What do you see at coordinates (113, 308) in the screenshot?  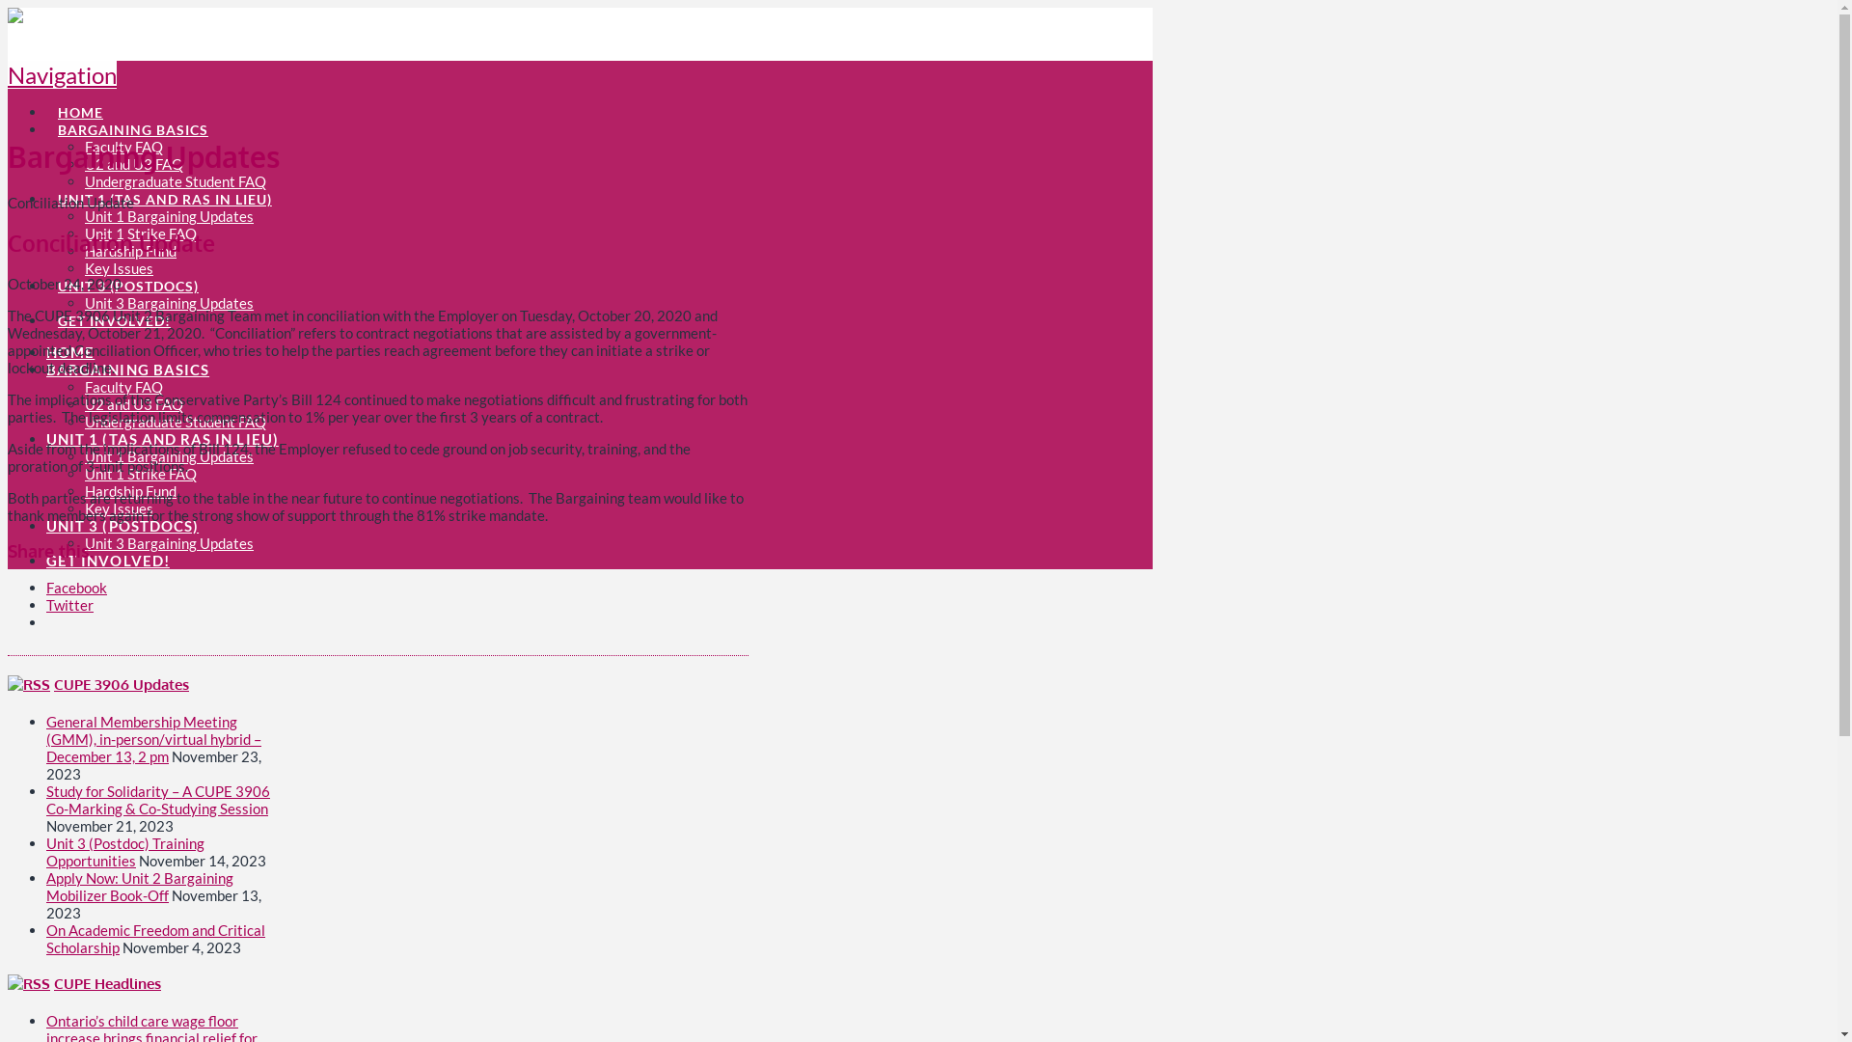 I see `'GET INVOLVED!'` at bounding box center [113, 308].